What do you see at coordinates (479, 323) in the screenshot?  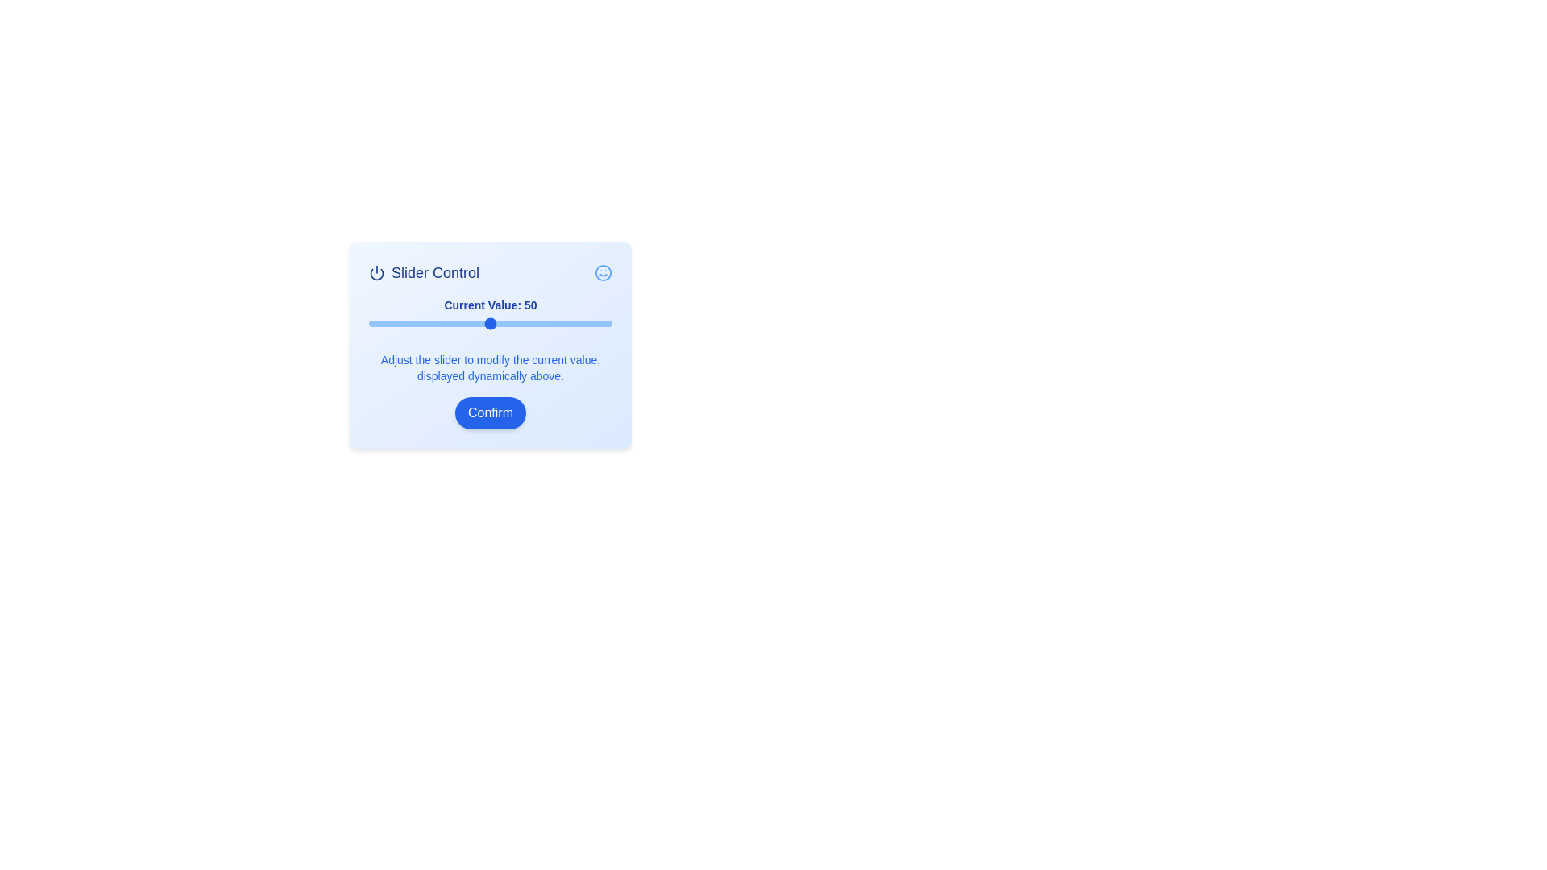 I see `the slider's value` at bounding box center [479, 323].